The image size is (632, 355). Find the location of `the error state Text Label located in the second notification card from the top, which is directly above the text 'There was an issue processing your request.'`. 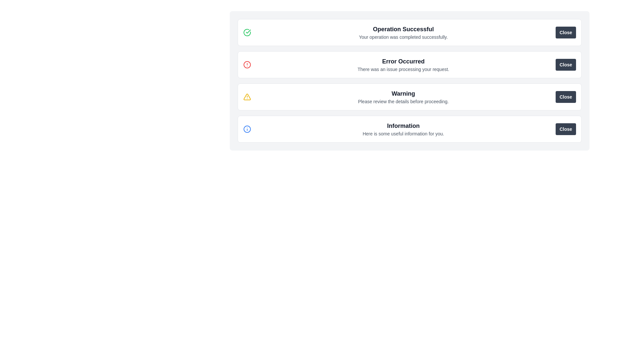

the error state Text Label located in the second notification card from the top, which is directly above the text 'There was an issue processing your request.' is located at coordinates (403, 61).